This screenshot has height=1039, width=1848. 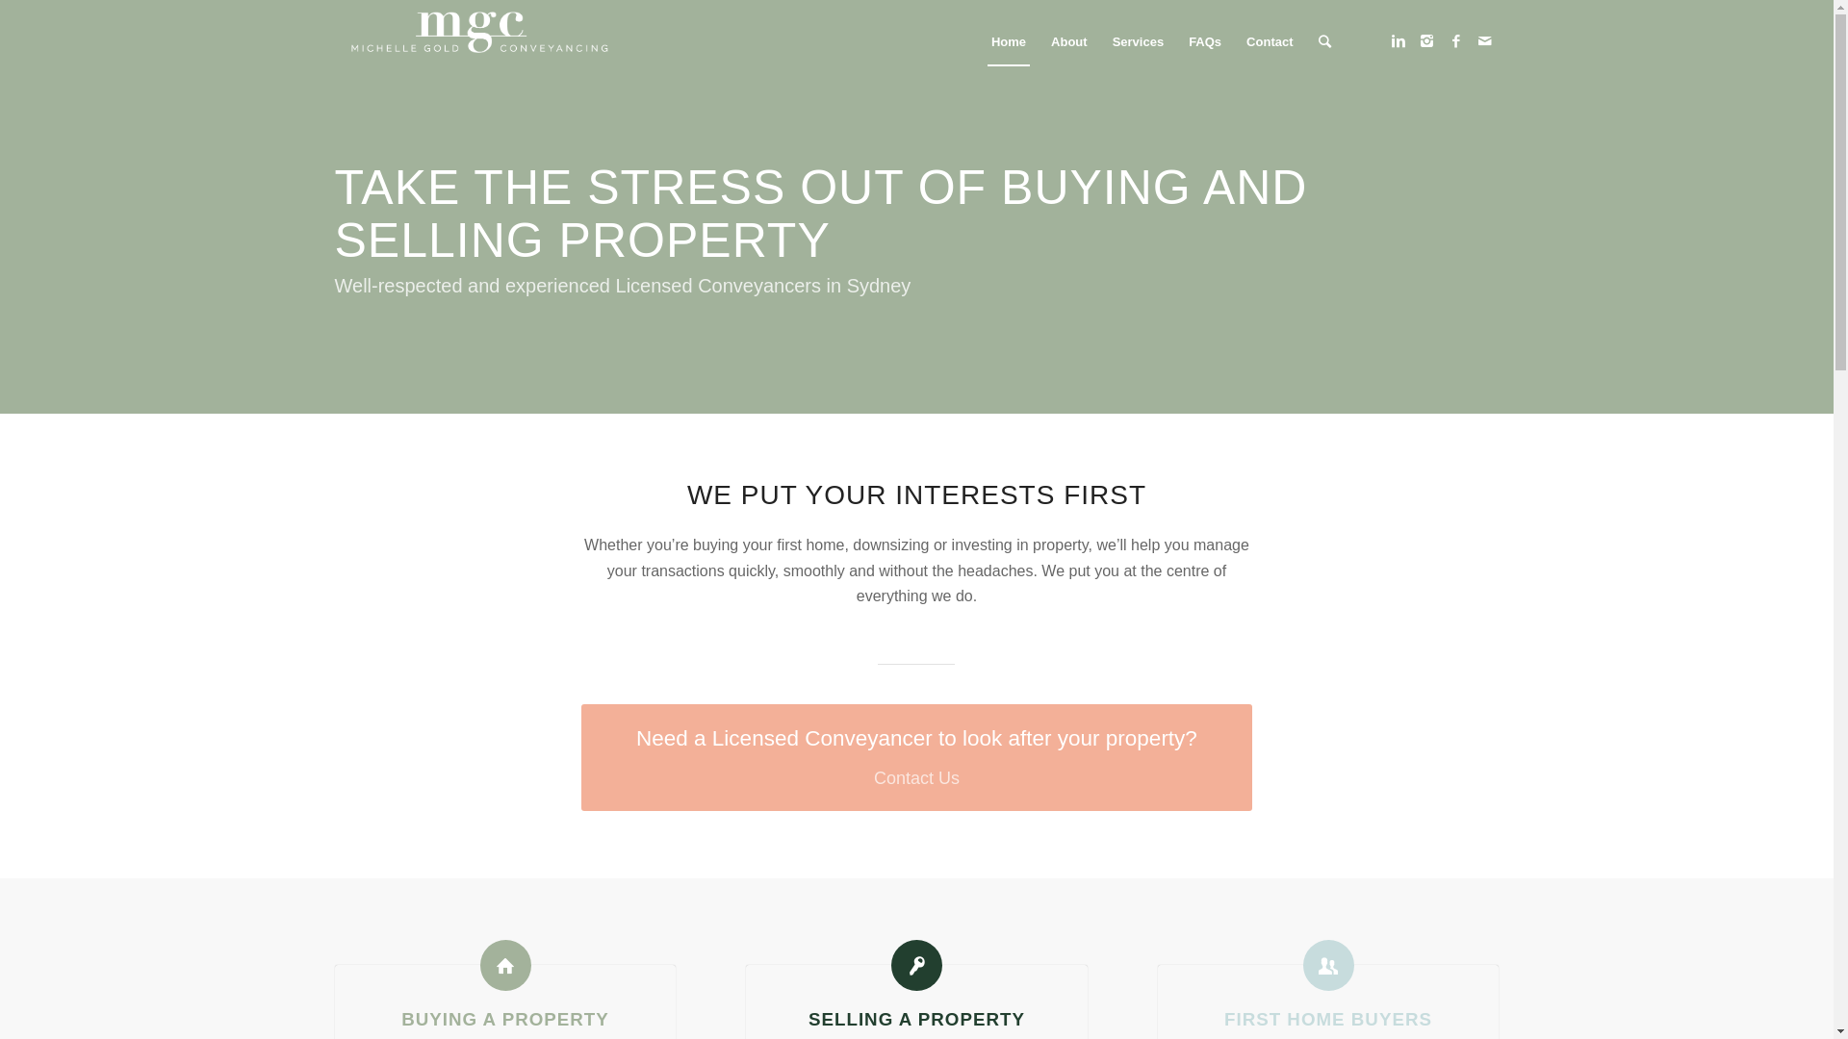 What do you see at coordinates (915, 1018) in the screenshot?
I see `'SELLING A PROPERTY'` at bounding box center [915, 1018].